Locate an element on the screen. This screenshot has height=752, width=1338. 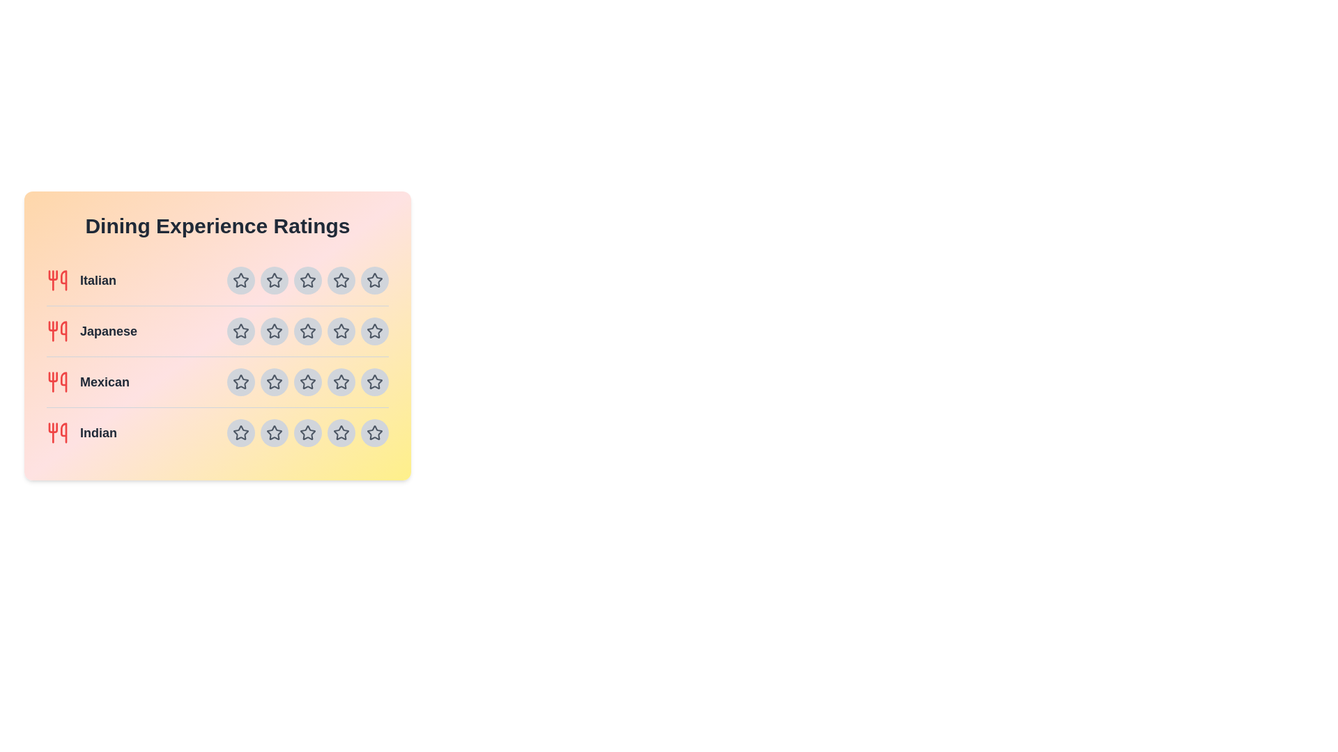
the utensils icon for the cuisine Mexican is located at coordinates (56, 382).